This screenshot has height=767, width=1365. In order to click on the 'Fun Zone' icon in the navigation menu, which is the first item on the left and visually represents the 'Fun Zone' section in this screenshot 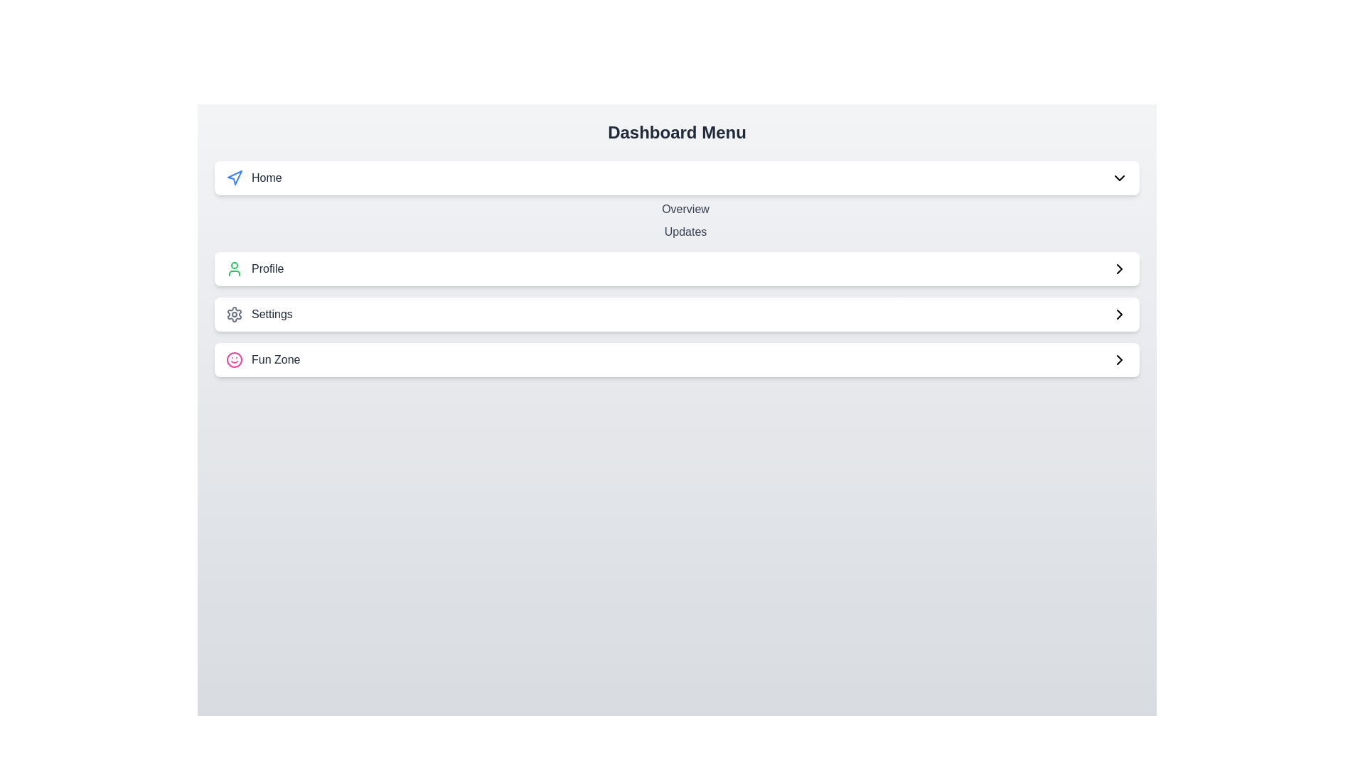, I will do `click(235, 359)`.